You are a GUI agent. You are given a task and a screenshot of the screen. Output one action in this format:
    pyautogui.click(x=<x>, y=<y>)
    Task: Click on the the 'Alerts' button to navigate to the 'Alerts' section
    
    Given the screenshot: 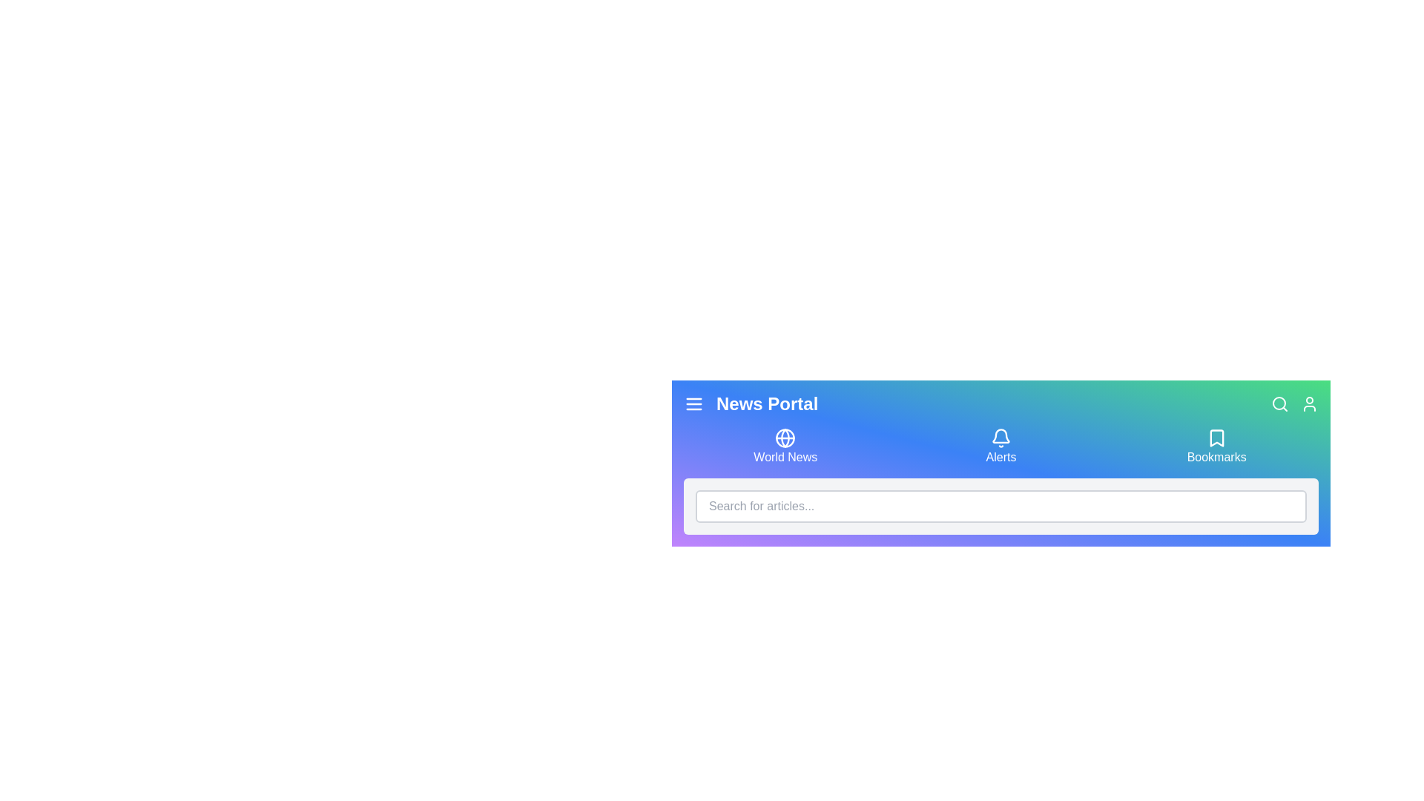 What is the action you would take?
    pyautogui.click(x=1001, y=446)
    